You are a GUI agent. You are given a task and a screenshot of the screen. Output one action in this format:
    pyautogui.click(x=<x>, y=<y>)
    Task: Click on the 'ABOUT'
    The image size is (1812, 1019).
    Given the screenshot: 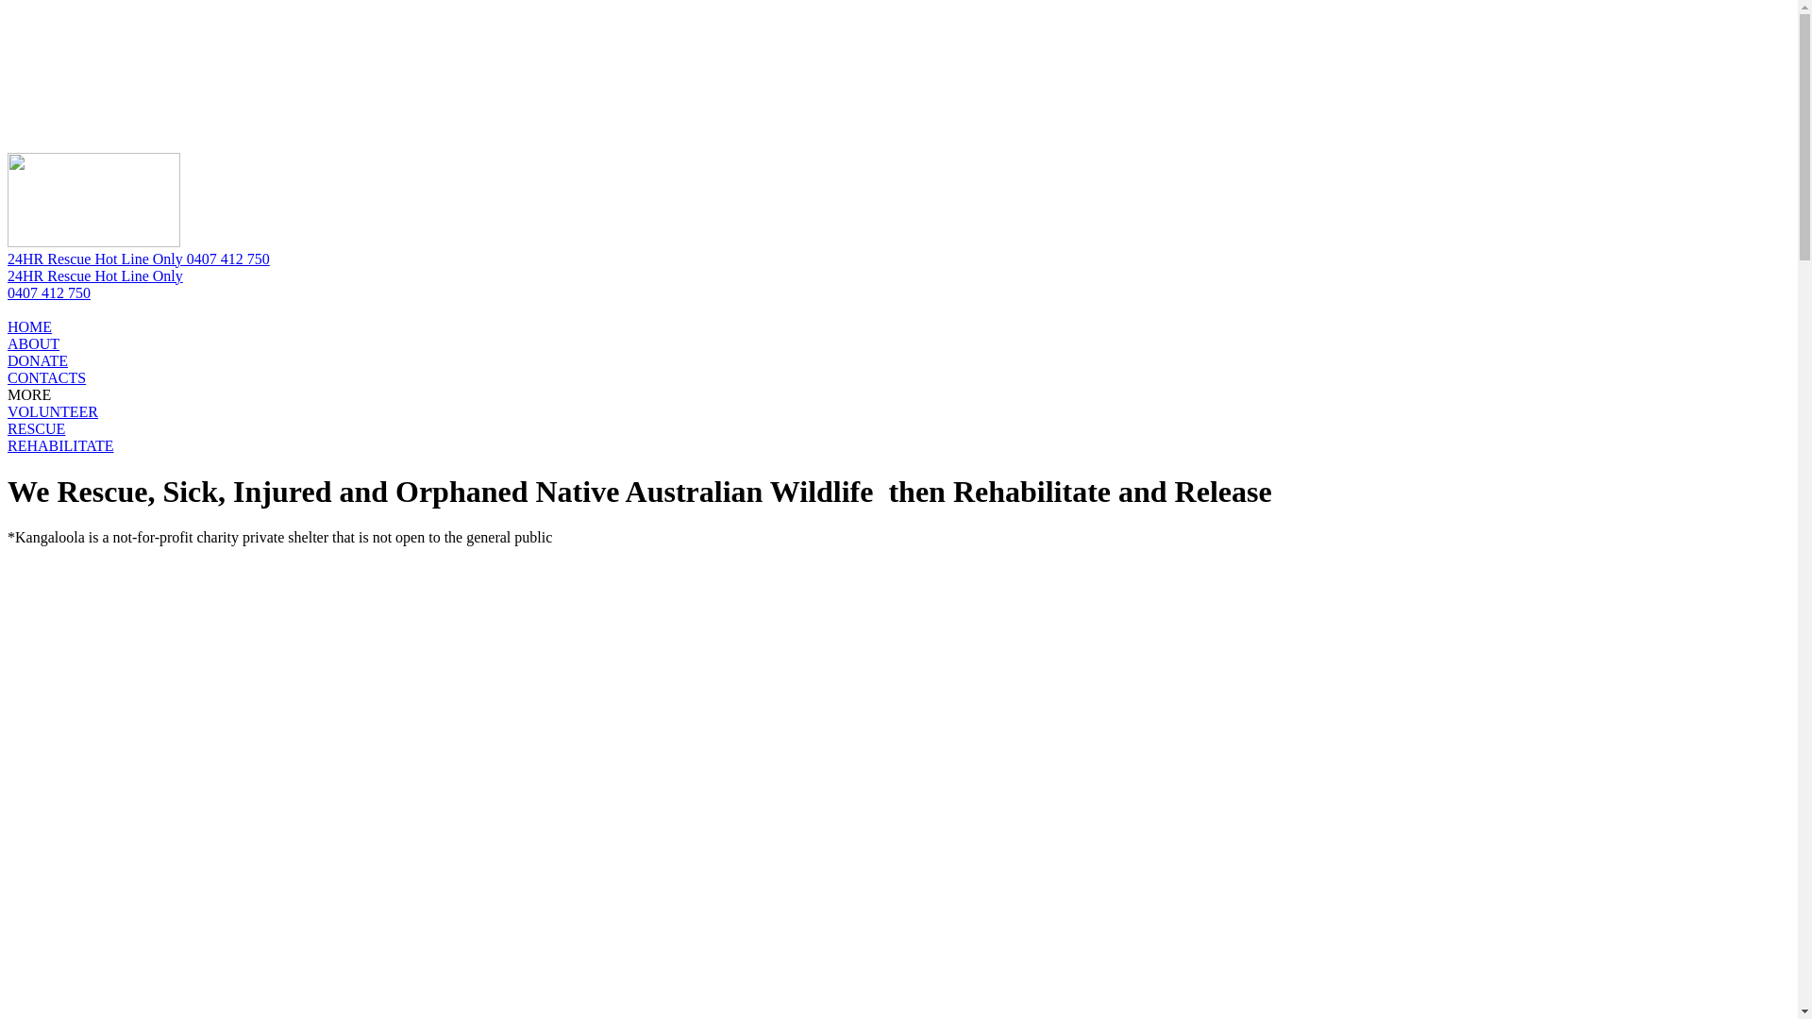 What is the action you would take?
    pyautogui.click(x=33, y=343)
    